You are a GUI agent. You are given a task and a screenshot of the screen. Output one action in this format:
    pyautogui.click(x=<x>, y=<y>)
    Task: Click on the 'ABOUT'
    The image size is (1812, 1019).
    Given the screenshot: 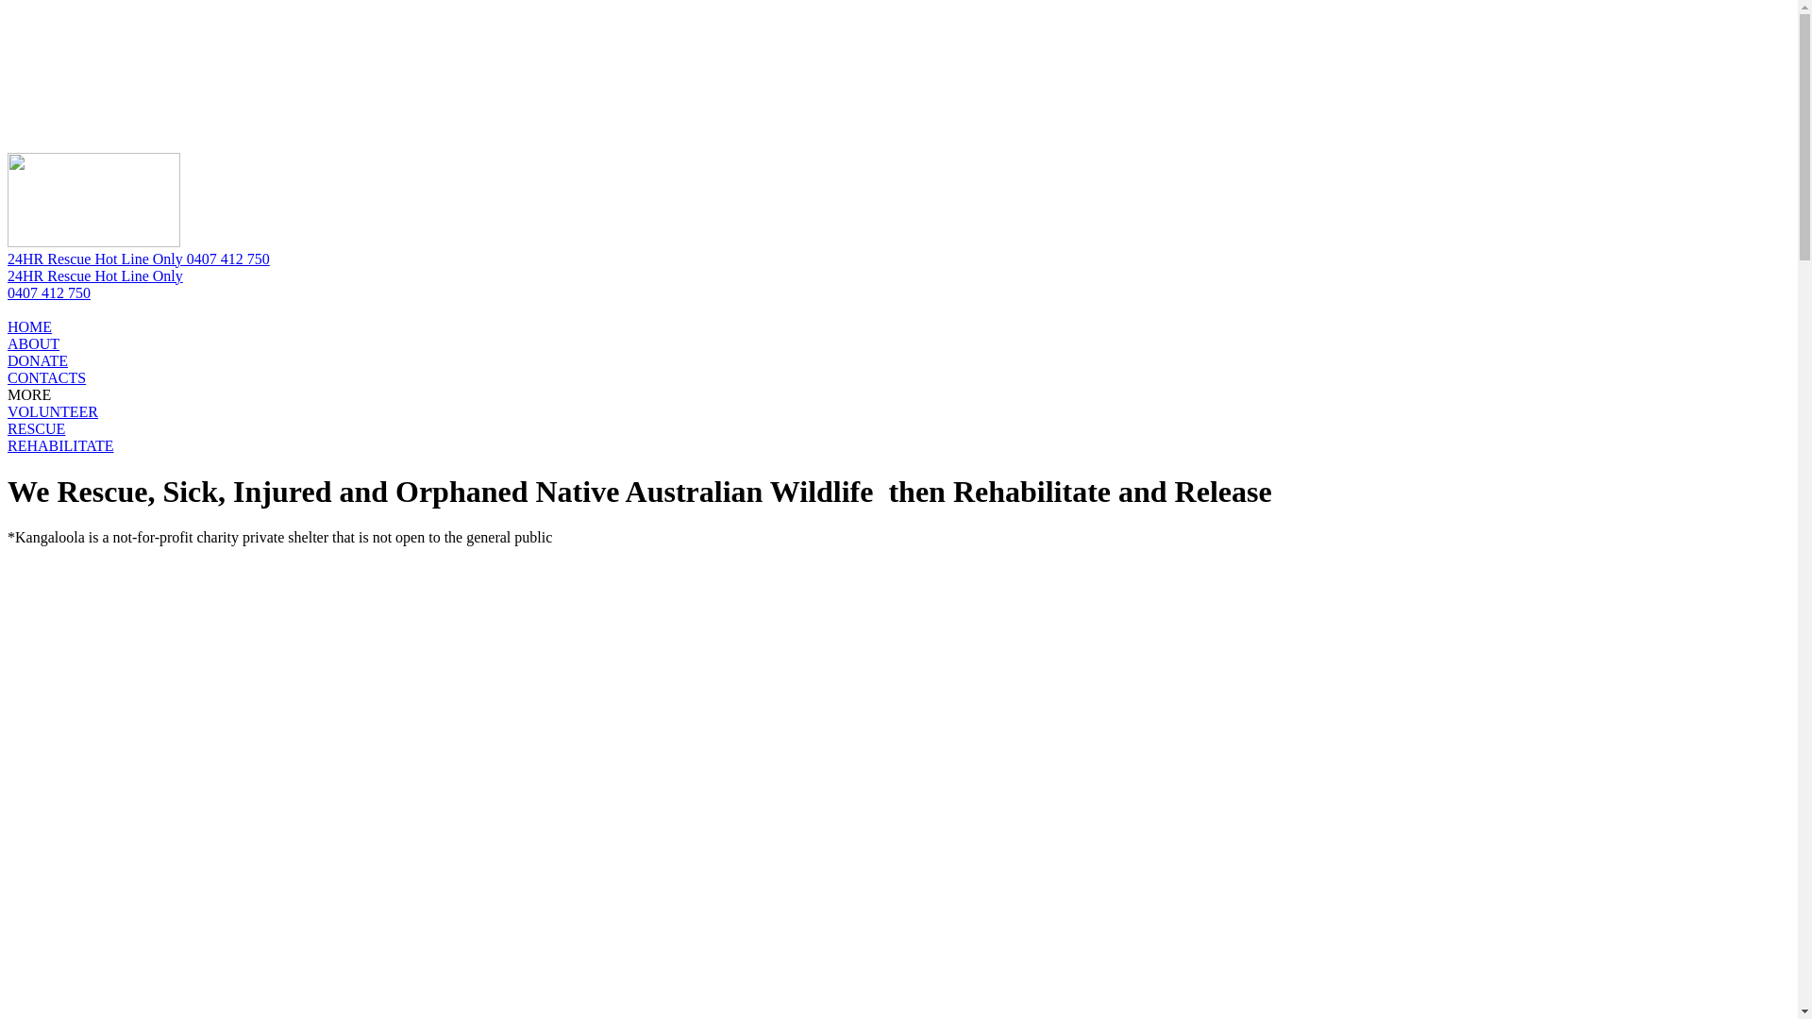 What is the action you would take?
    pyautogui.click(x=33, y=343)
    